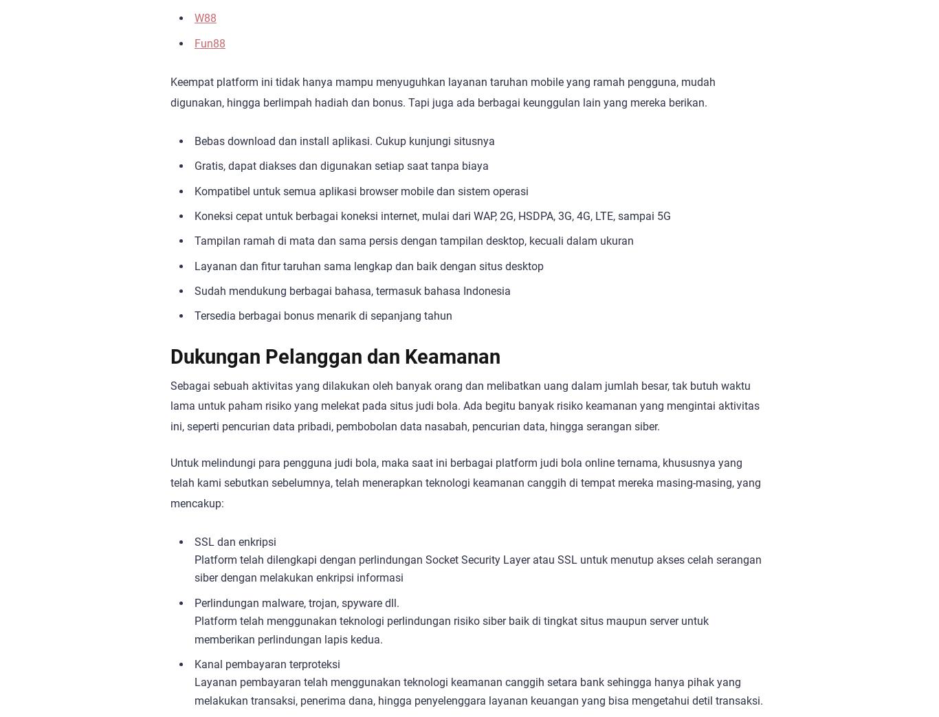  What do you see at coordinates (170, 92) in the screenshot?
I see `'Keempat platform ini tidak hanya mampu menyuguhkan layanan taruhan mobile yang ramah pengguna, mudah digunakan, hingga berlimpah hadiah dan bonus. Tapi juga ada berbagai keunggulan lain yang mereka berikan.'` at bounding box center [170, 92].